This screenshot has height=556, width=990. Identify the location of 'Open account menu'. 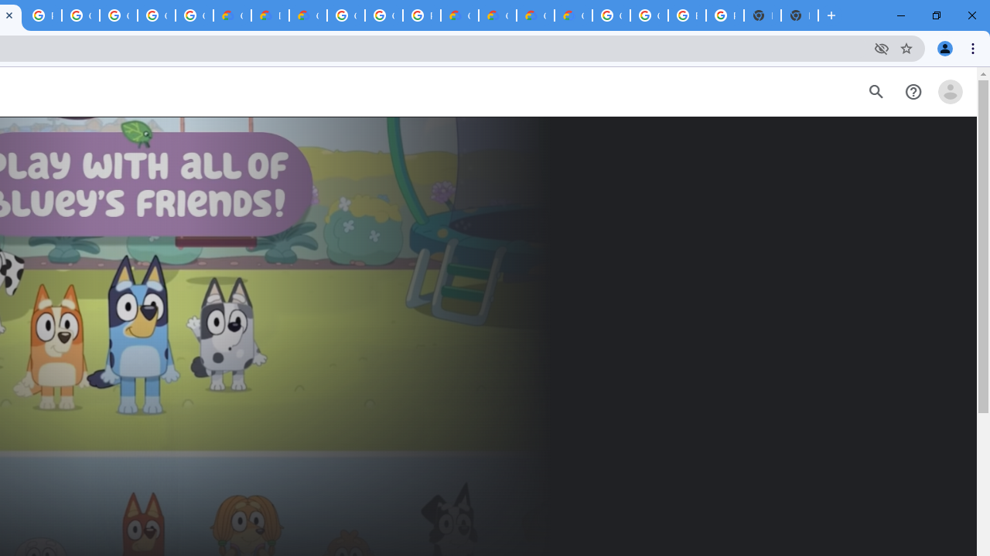
(949, 92).